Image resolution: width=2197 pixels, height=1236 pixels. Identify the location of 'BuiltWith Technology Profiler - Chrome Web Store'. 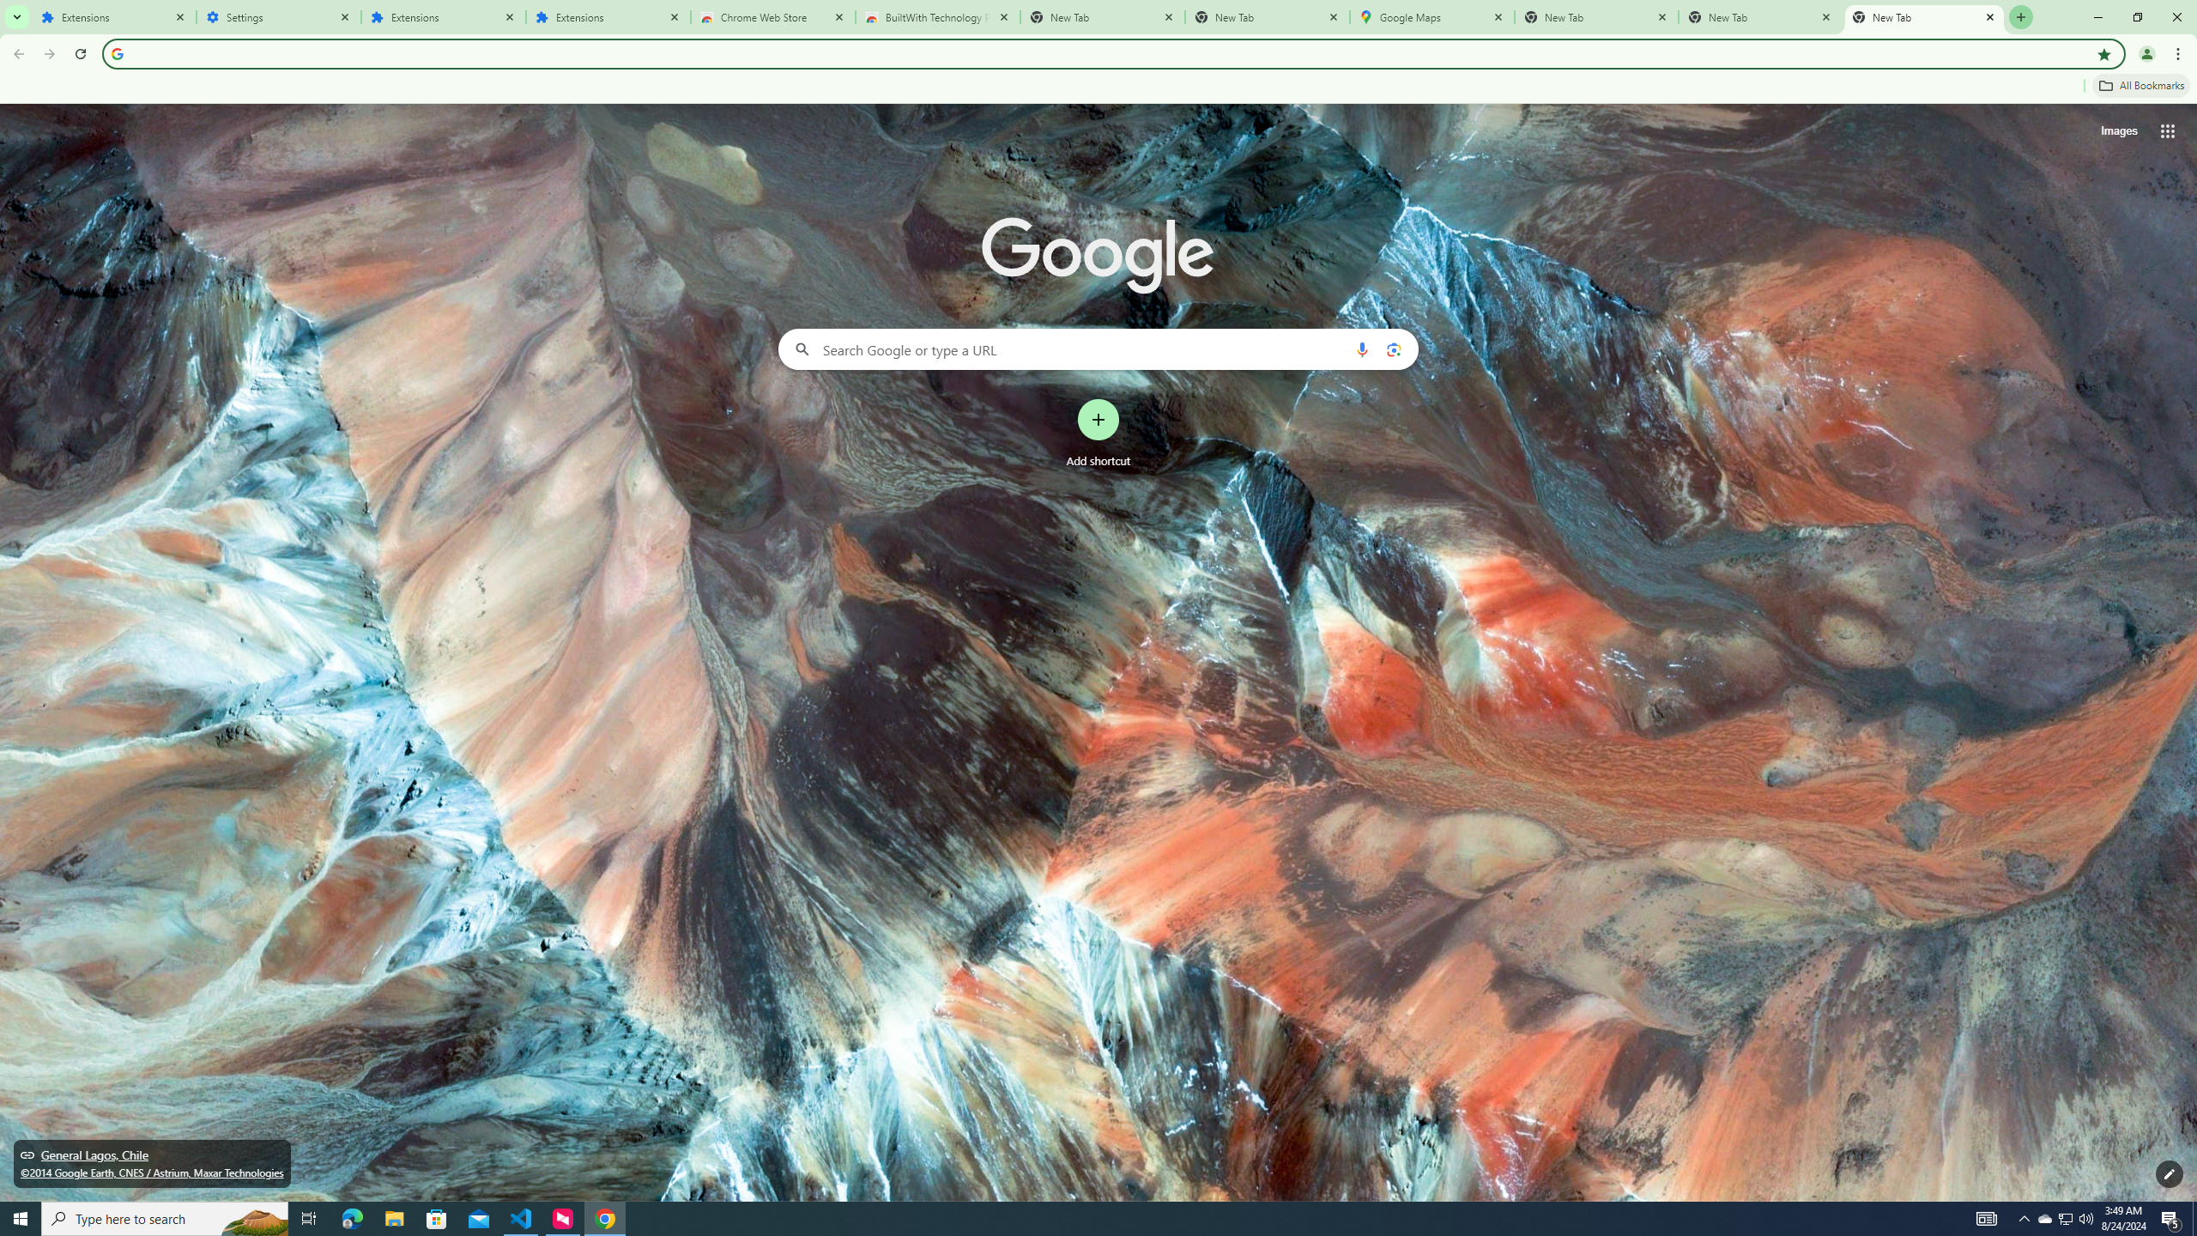
(937, 16).